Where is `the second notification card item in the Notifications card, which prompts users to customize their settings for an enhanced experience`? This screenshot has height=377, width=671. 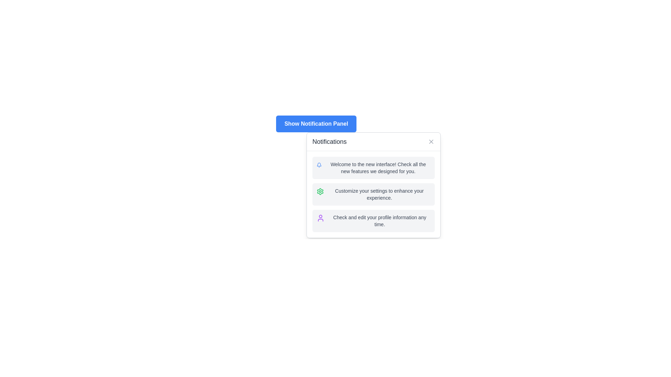 the second notification card item in the Notifications card, which prompts users to customize their settings for an enhanced experience is located at coordinates (373, 185).